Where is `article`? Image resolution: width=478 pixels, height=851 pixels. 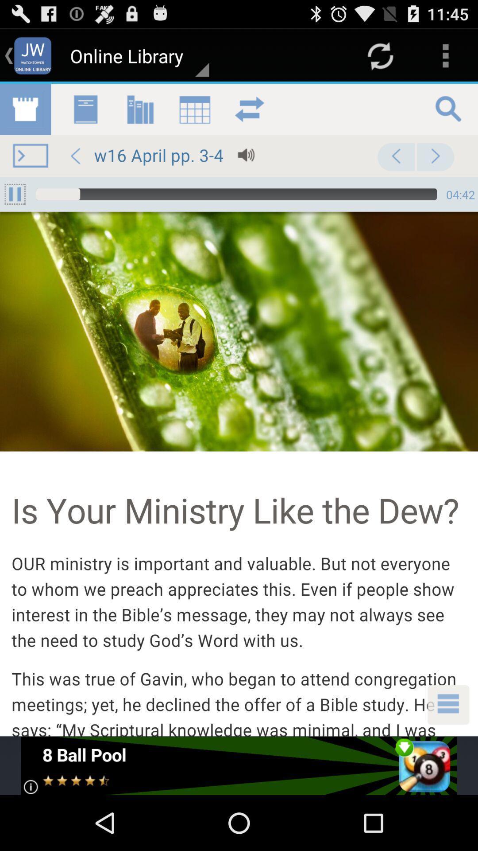 article is located at coordinates (239, 410).